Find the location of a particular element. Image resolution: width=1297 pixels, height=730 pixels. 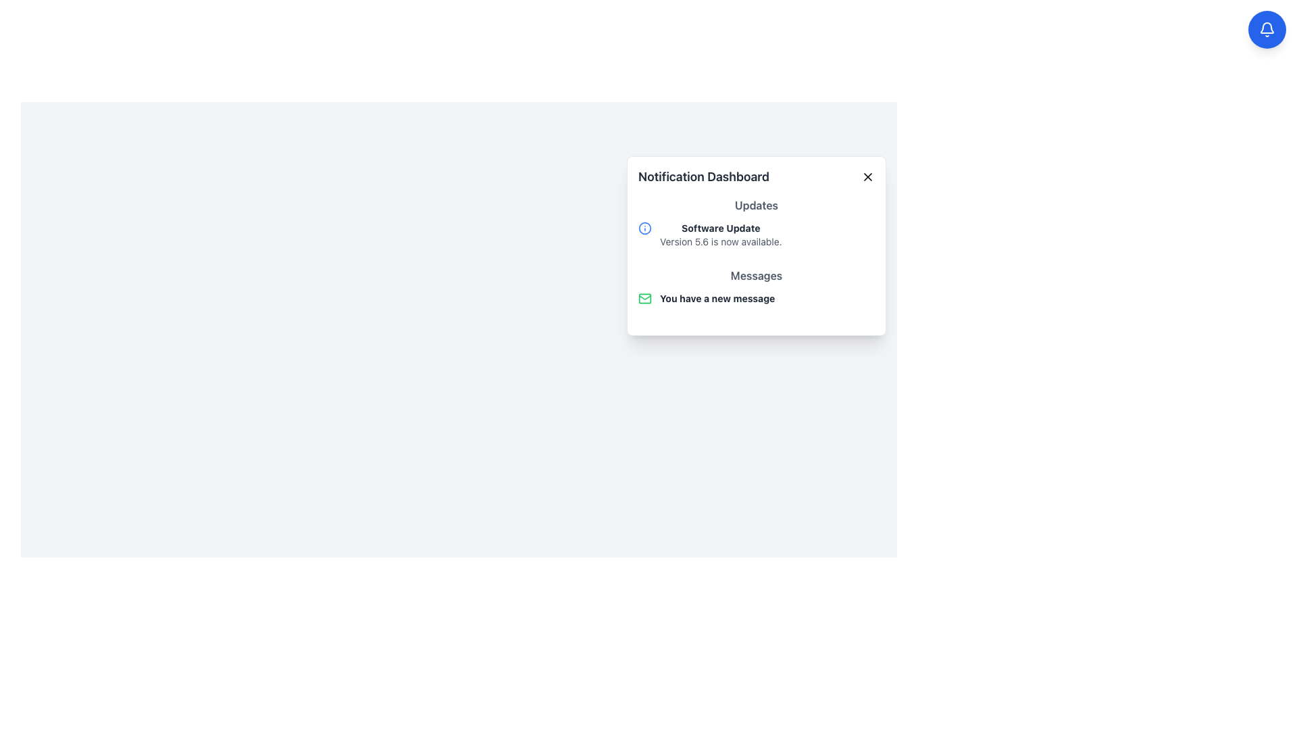

the SVG Circle element located inside the notification panel near the upper-right side of the interface is located at coordinates (644, 228).